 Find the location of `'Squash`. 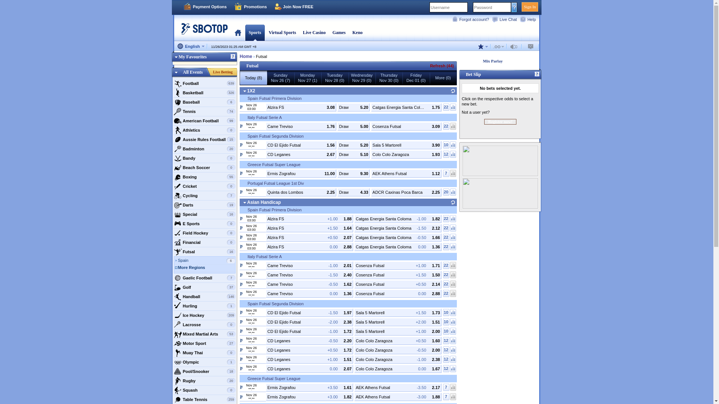

'Squash is located at coordinates (204, 389).